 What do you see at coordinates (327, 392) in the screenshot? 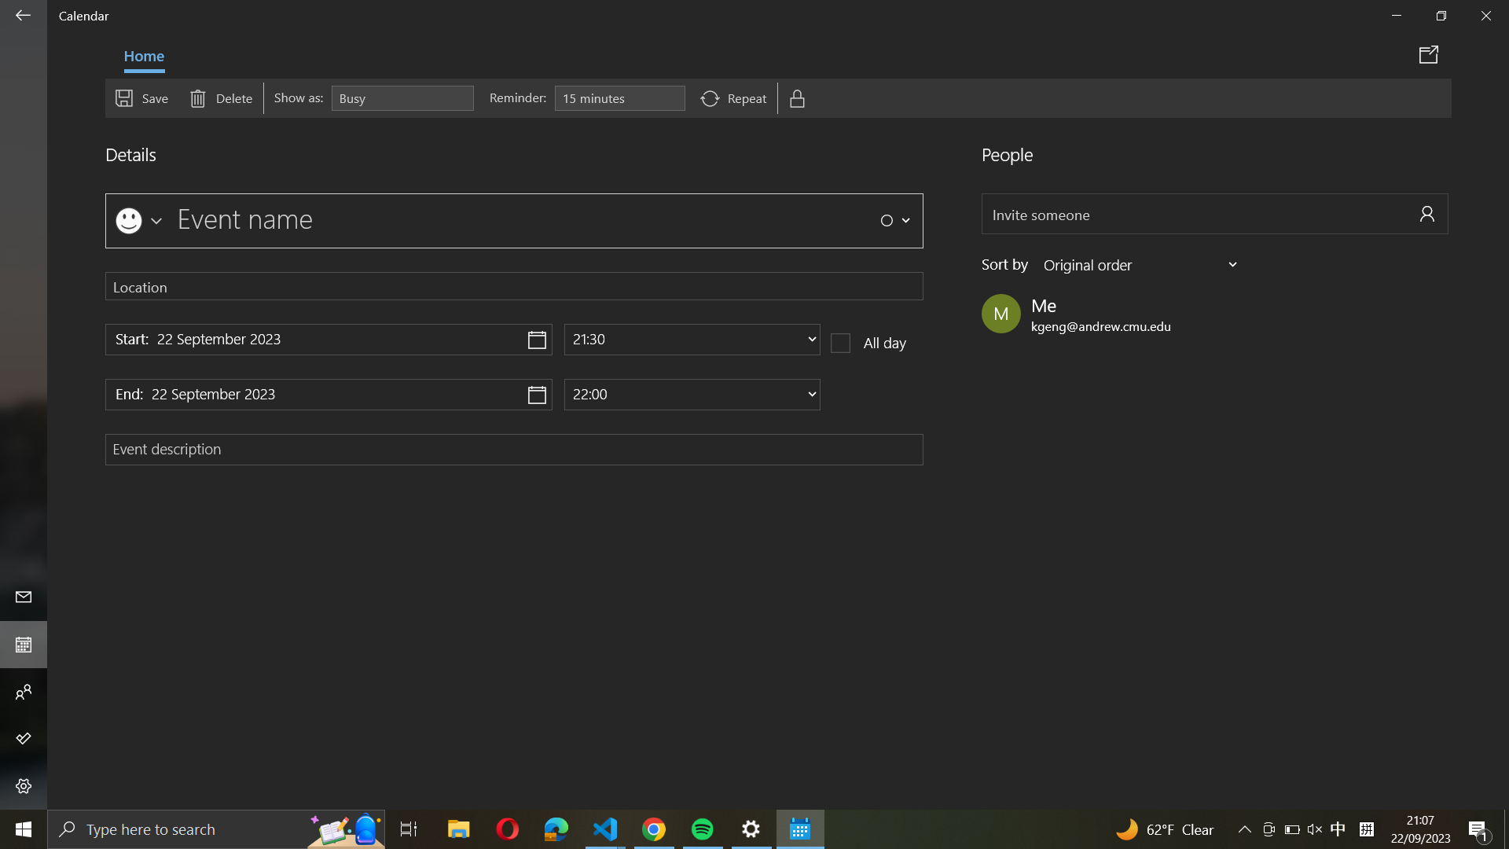
I see `the ending date for the event` at bounding box center [327, 392].